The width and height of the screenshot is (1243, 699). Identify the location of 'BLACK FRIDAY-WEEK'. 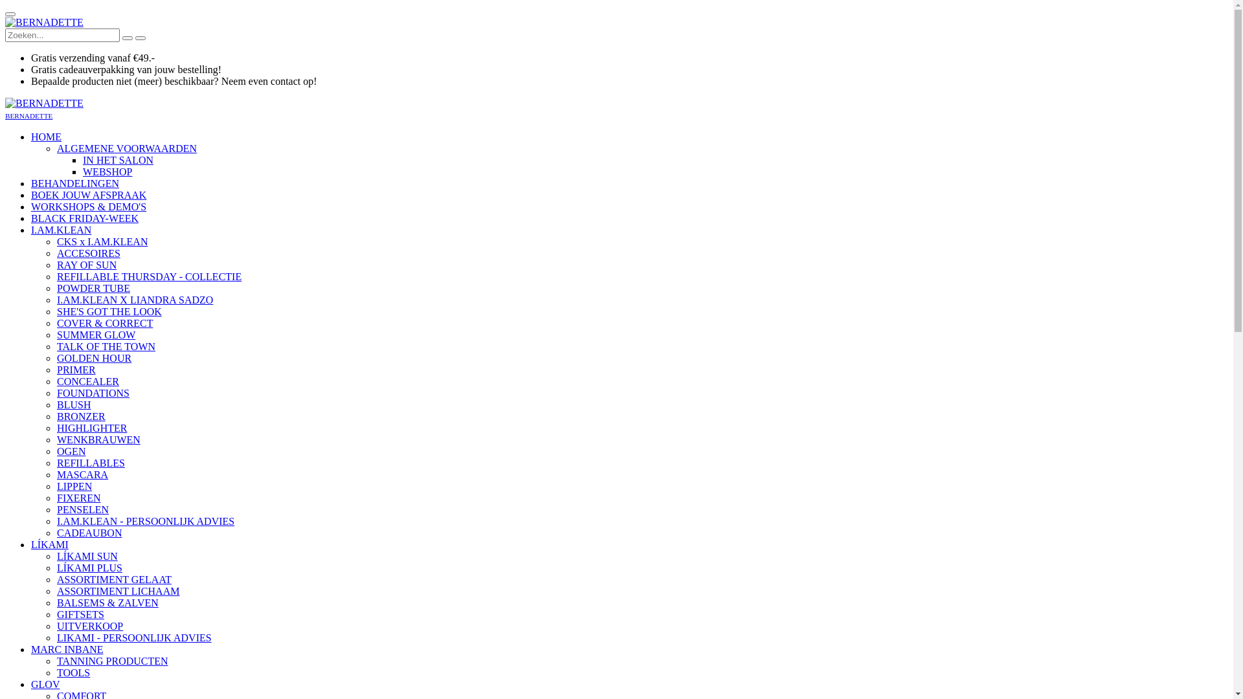
(31, 217).